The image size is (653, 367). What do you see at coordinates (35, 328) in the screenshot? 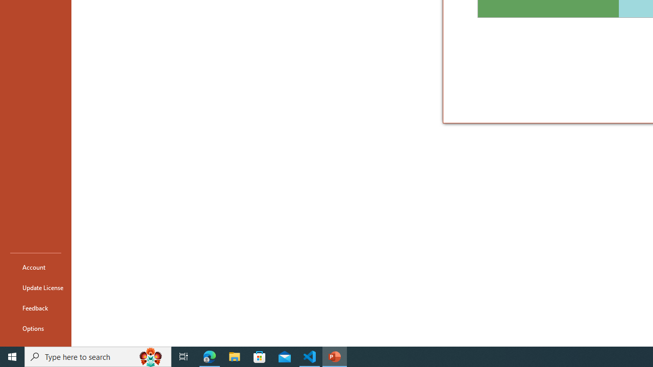
I see `'Options'` at bounding box center [35, 328].